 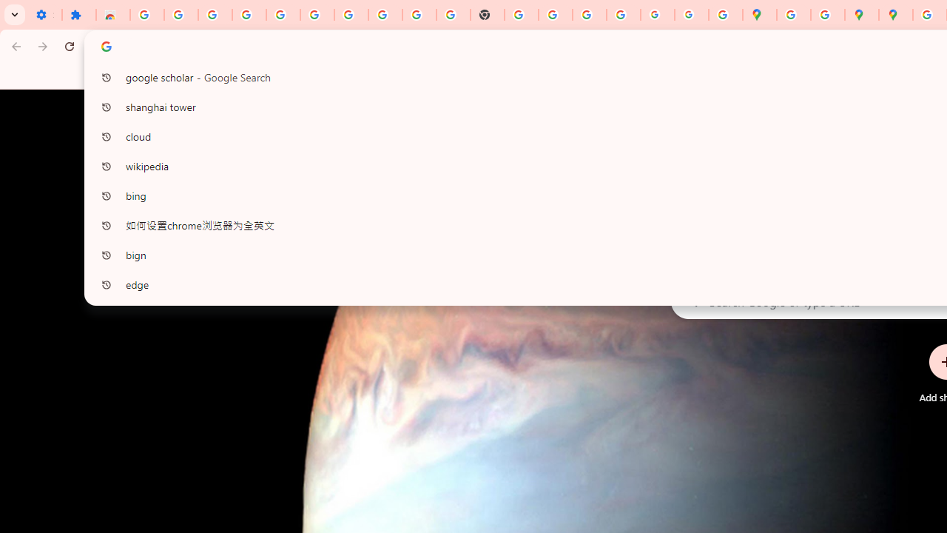 What do you see at coordinates (488, 15) in the screenshot?
I see `'New Tab'` at bounding box center [488, 15].